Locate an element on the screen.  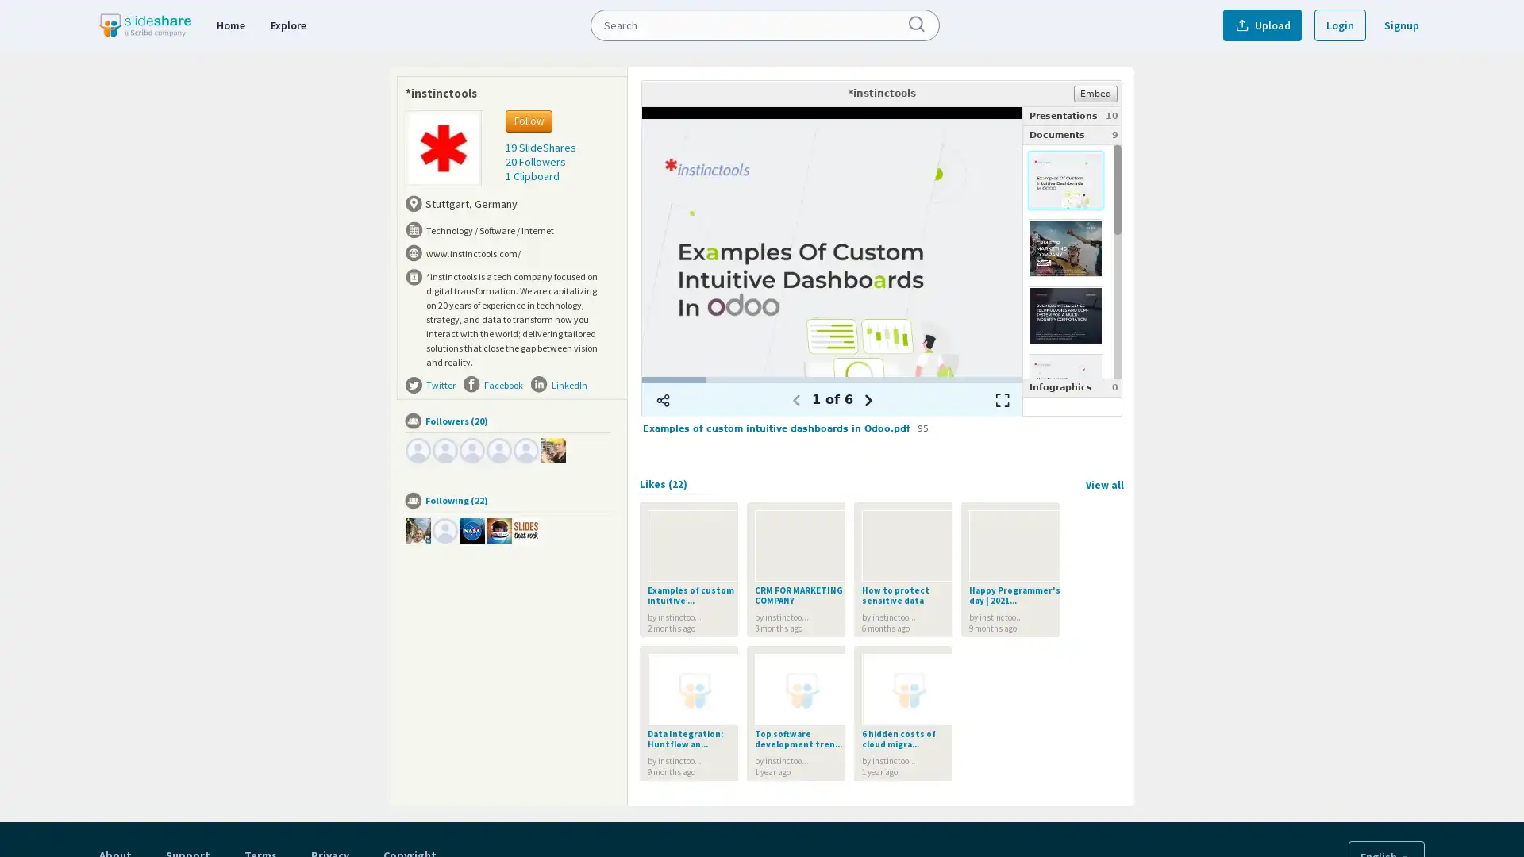
Submit Search is located at coordinates (914, 24).